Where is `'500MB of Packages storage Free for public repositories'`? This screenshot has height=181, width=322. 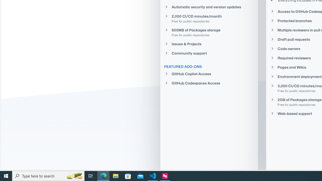
'500MB of Packages storage Free for public repositories' is located at coordinates (209, 32).